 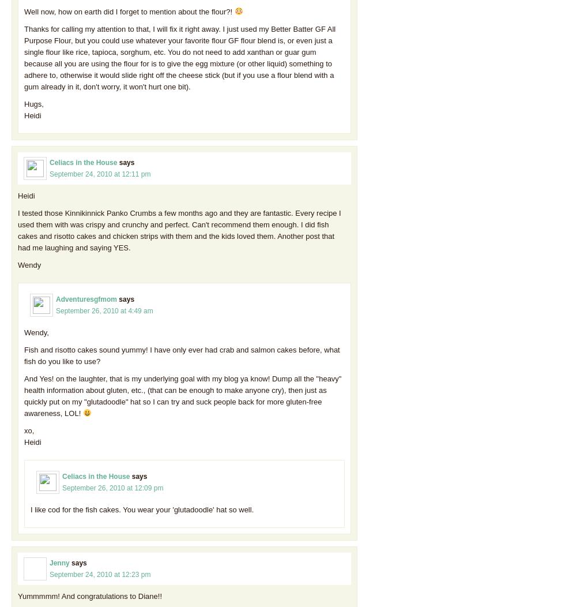 I want to click on 'September 26, 2010 at 12:09 pm', so click(x=112, y=486).